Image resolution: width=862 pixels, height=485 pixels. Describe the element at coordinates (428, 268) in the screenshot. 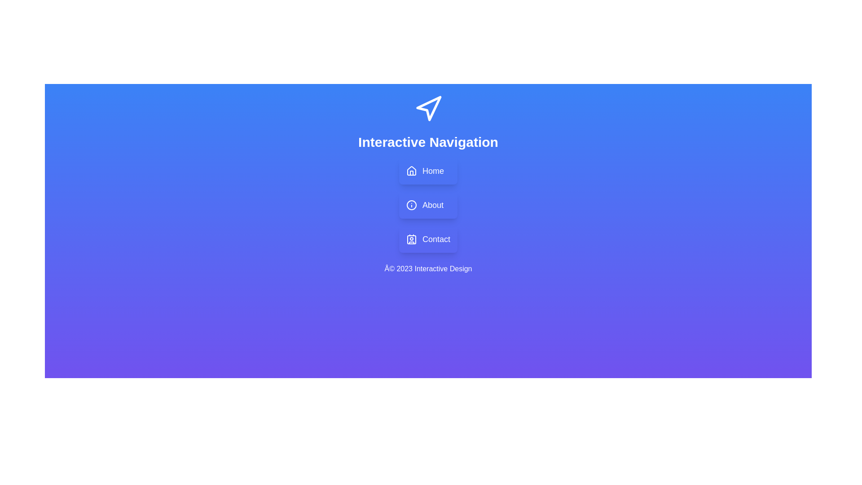

I see `the copyright notice text label located at the bottom-center of the interface, below the buttons labeled 'Home', 'About', and 'Contact'` at that location.